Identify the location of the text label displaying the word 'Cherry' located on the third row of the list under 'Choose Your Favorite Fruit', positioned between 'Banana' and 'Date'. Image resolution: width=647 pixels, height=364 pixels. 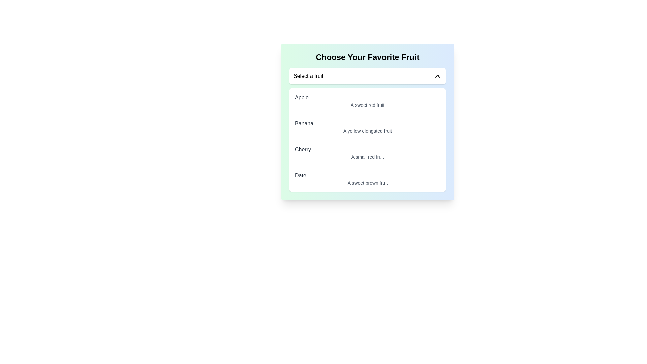
(302, 149).